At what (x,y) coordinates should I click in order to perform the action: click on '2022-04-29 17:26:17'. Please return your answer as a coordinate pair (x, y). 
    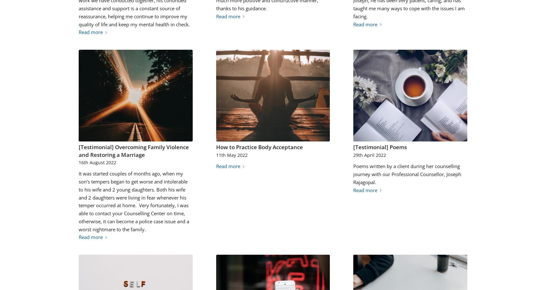
    Looking at the image, I should click on (399, 105).